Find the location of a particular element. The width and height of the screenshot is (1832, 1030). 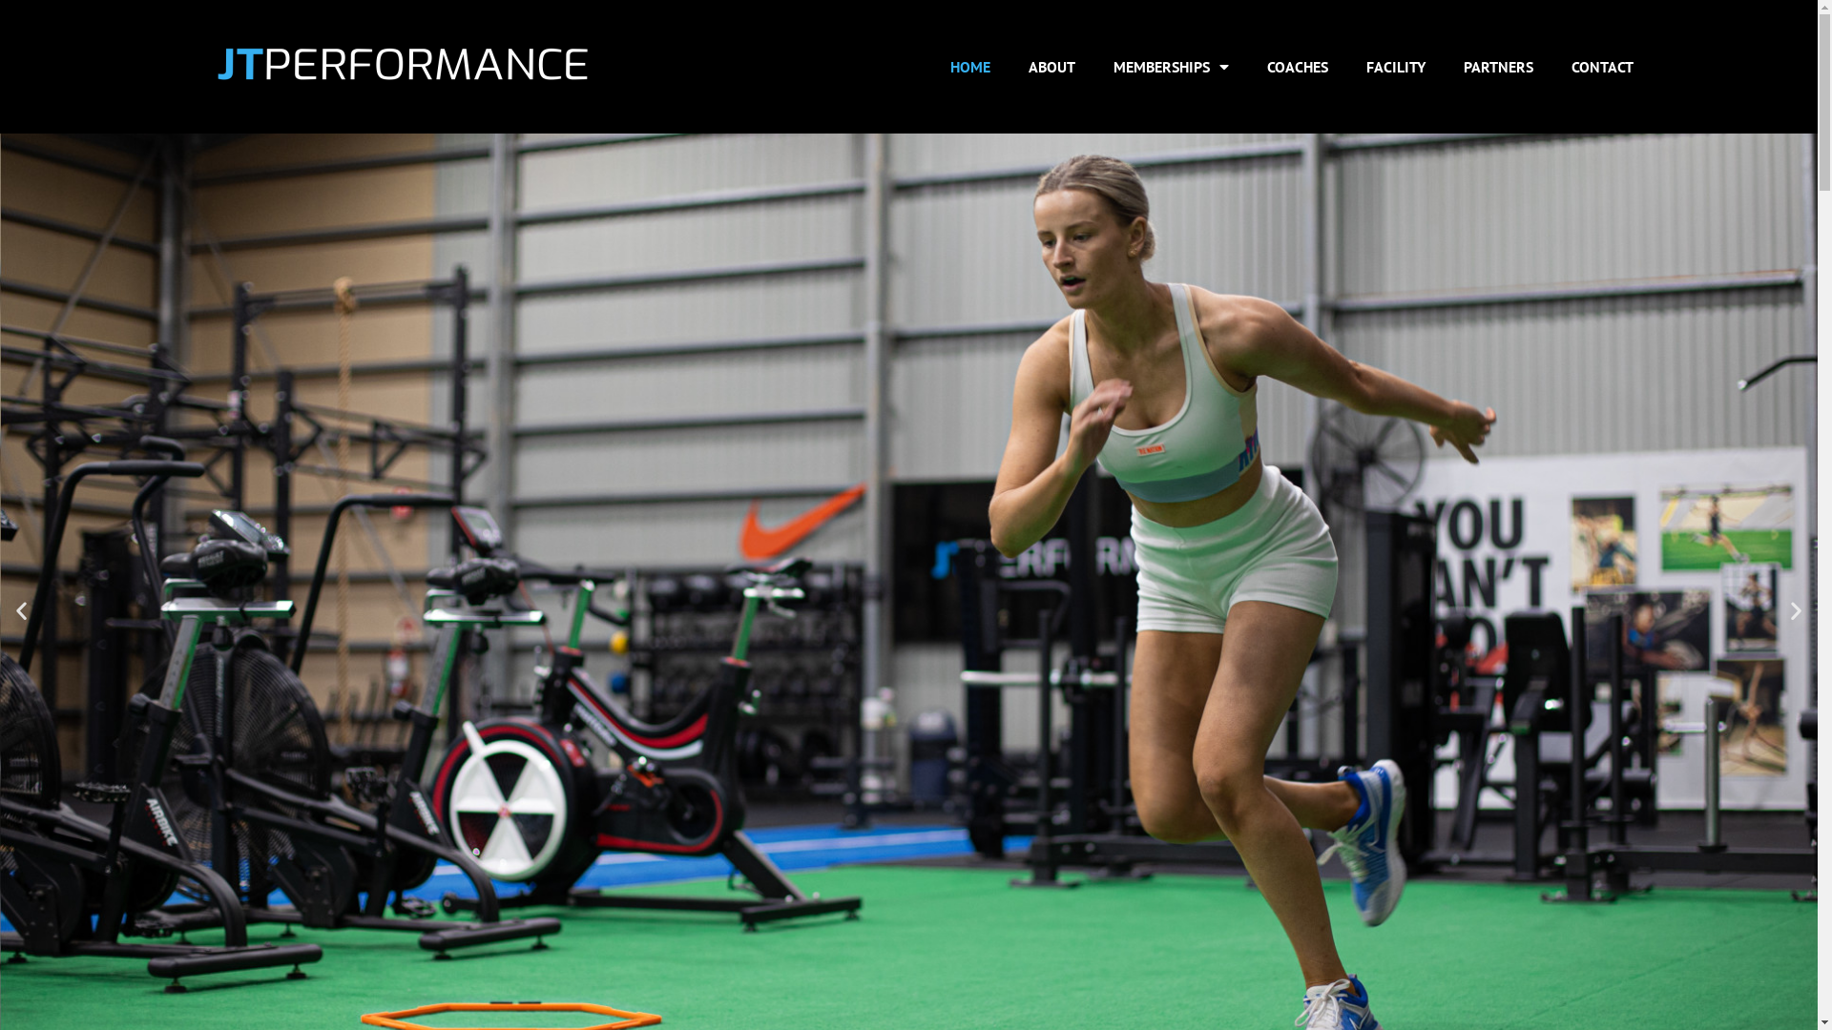

'HOME' is located at coordinates (970, 65).